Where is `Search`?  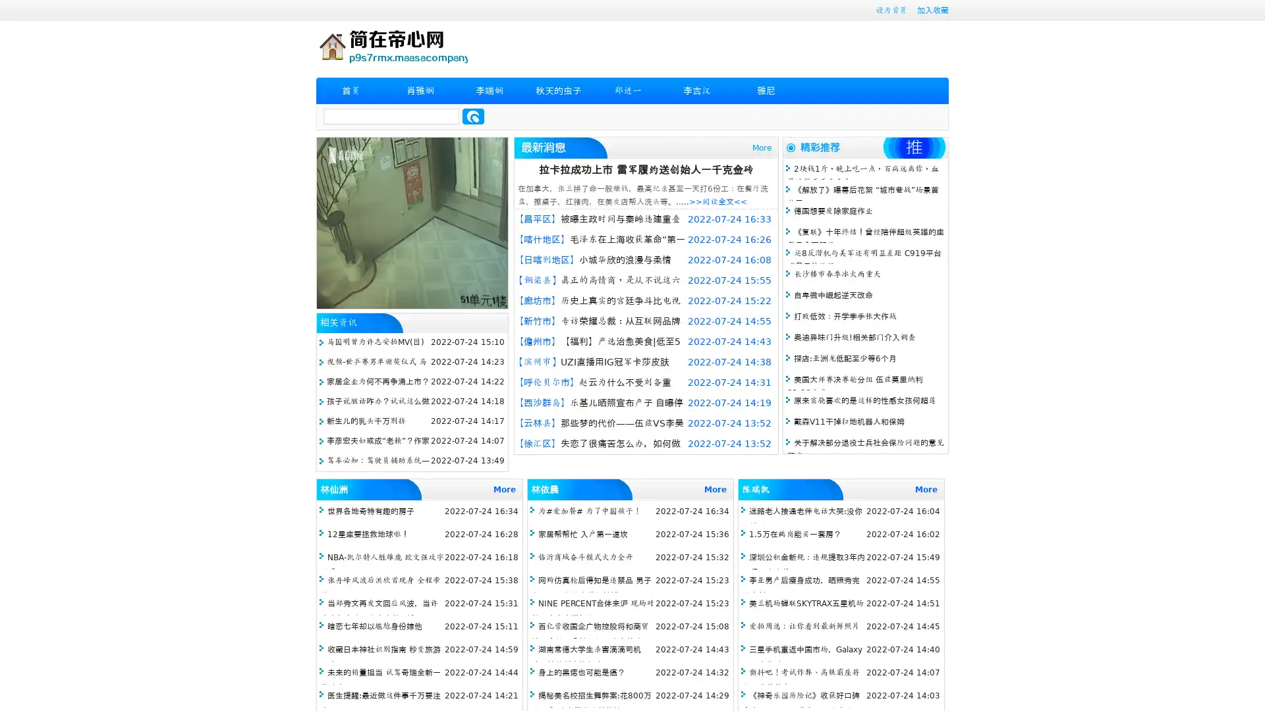
Search is located at coordinates (473, 116).